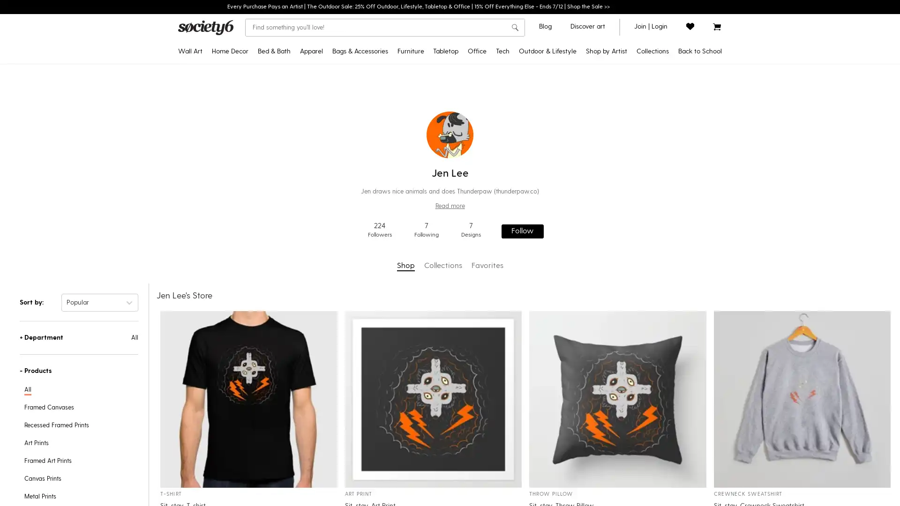 The height and width of the screenshot is (506, 900). What do you see at coordinates (463, 195) in the screenshot?
I see `Cutting Boards` at bounding box center [463, 195].